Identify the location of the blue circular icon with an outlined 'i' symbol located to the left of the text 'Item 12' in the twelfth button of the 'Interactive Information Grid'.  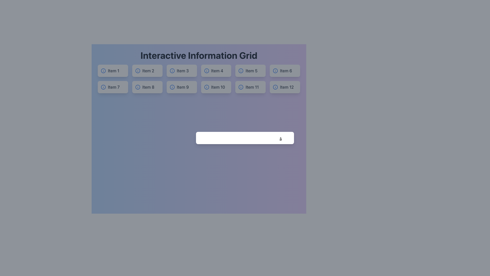
(275, 87).